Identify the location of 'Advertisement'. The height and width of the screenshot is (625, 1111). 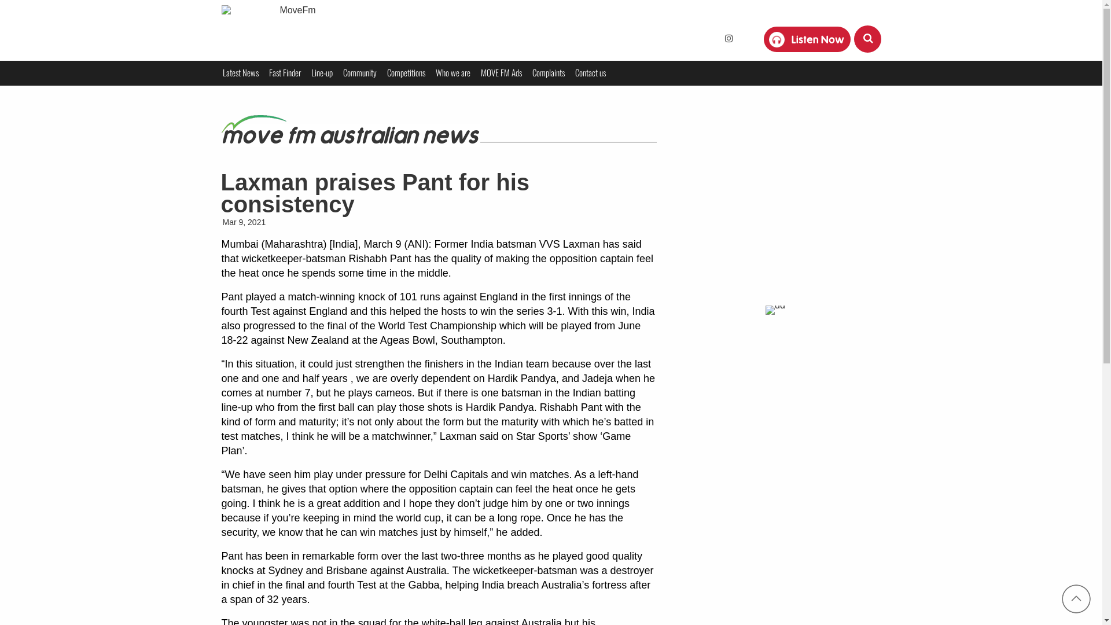
(775, 209).